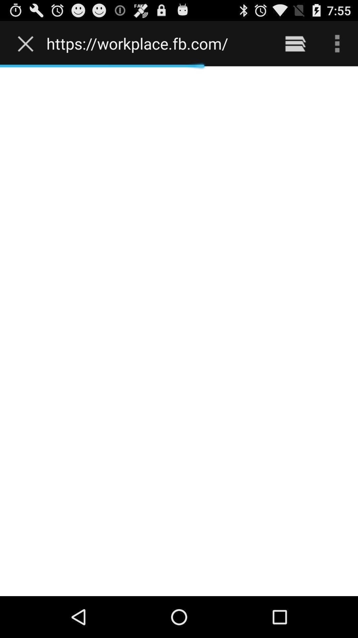 The width and height of the screenshot is (358, 638). I want to click on item next to the https workplace fb, so click(295, 43).